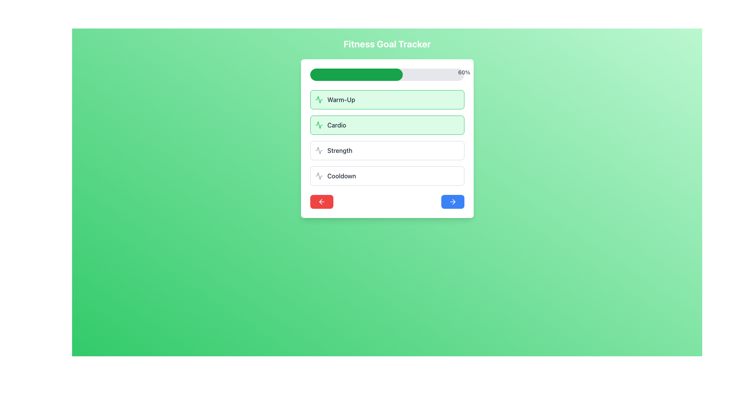  Describe the element at coordinates (356, 74) in the screenshot. I see `the Progress Indicator that visually represents the progress of a task, located near the top of the central interface panel` at that location.